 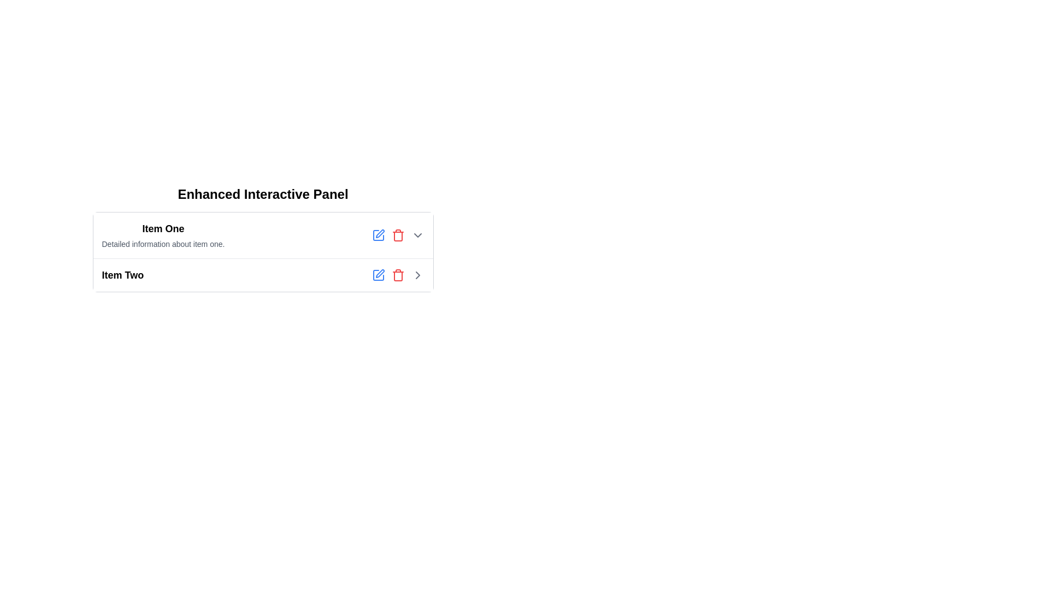 What do you see at coordinates (380, 233) in the screenshot?
I see `the pen icon located to the right of 'Item One' to initiate the edit action` at bounding box center [380, 233].